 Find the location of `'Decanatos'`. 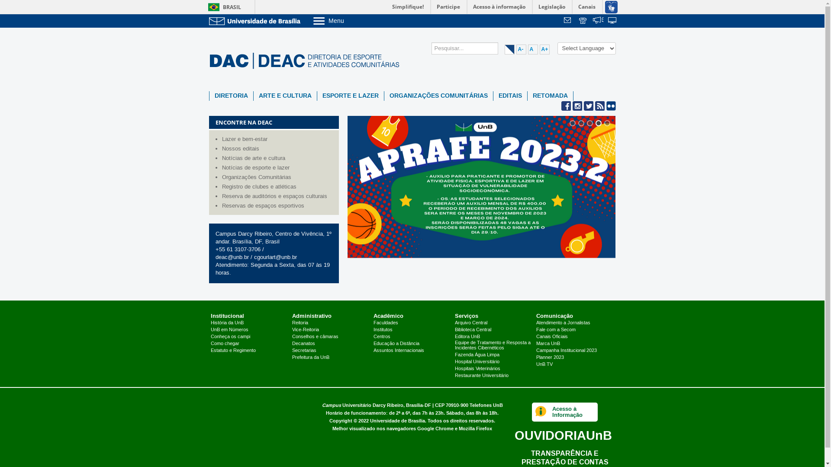

'Decanatos' is located at coordinates (303, 343).